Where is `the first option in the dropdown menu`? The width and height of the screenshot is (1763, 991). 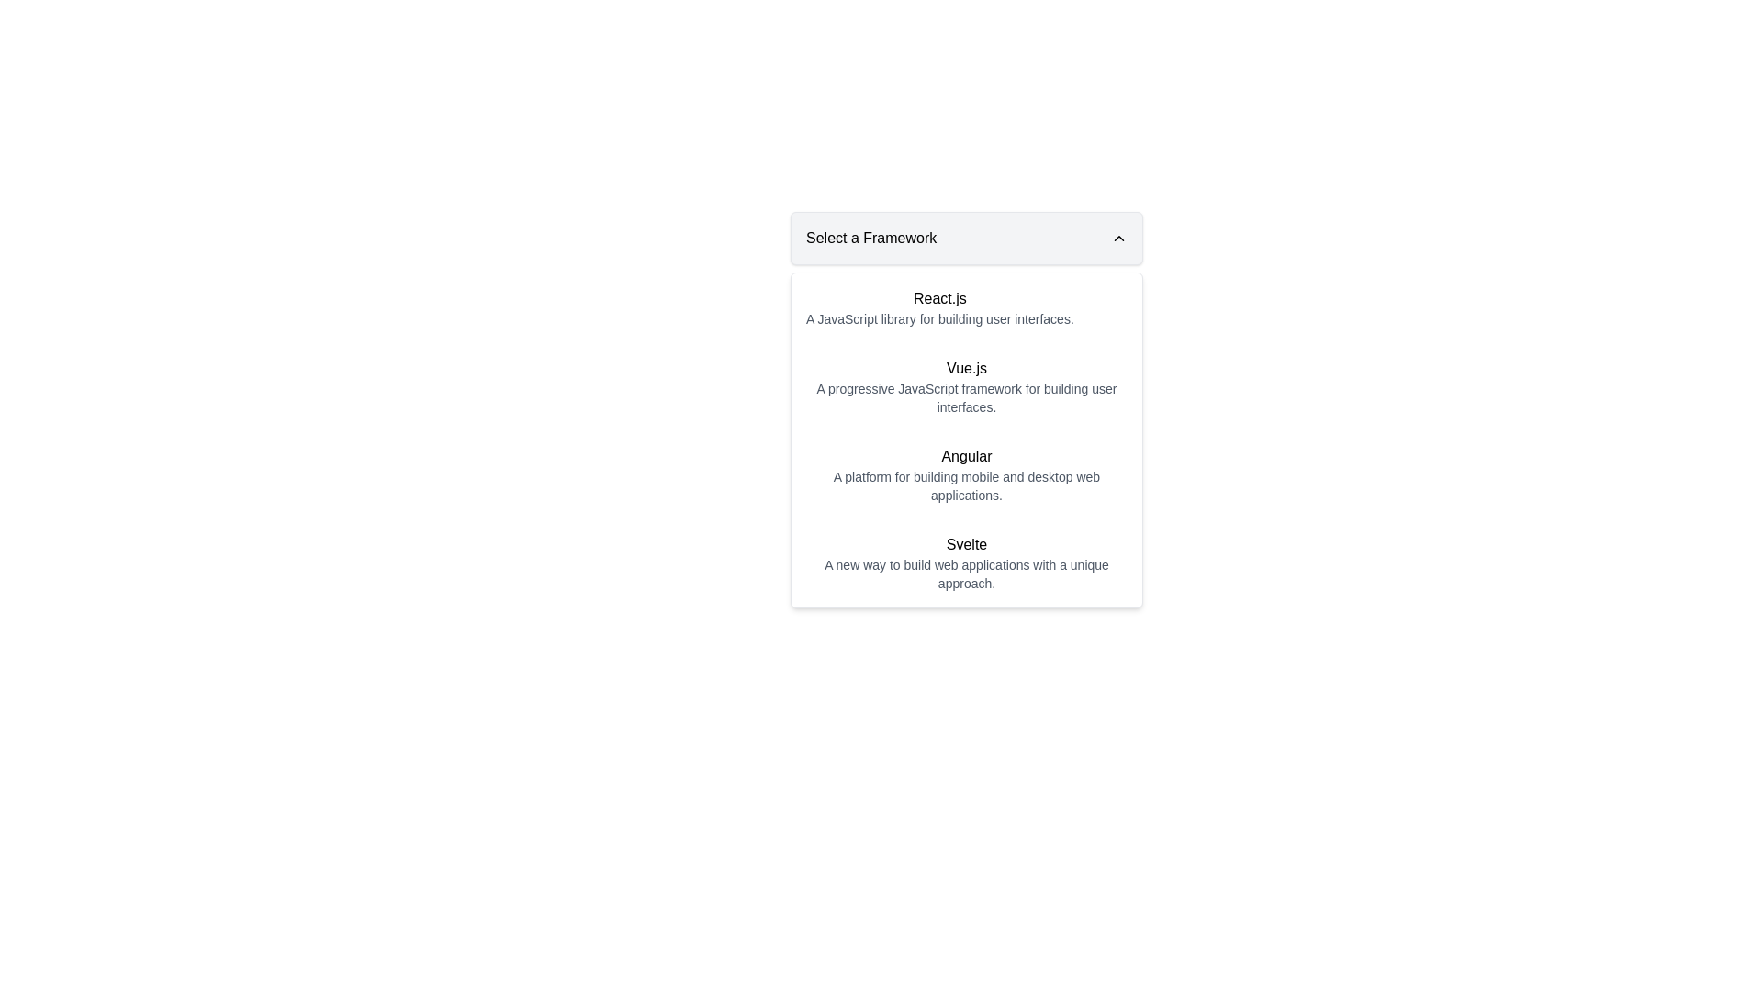 the first option in the dropdown menu is located at coordinates (965, 306).